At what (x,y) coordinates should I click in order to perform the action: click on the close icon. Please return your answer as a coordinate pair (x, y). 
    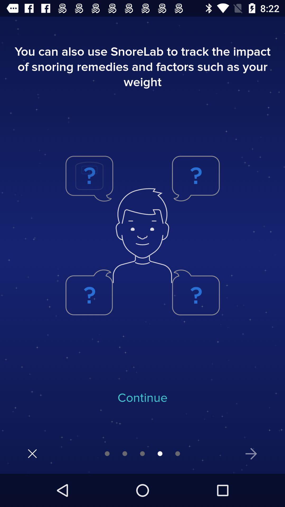
    Looking at the image, I should click on (32, 453).